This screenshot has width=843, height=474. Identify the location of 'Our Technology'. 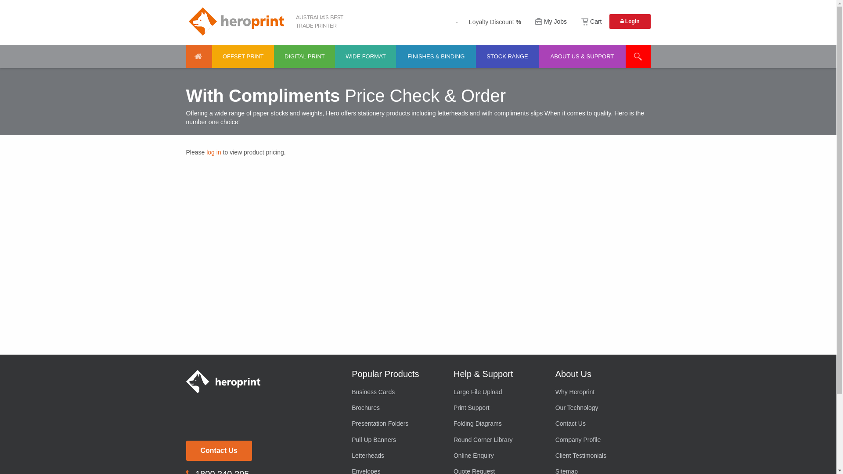
(555, 408).